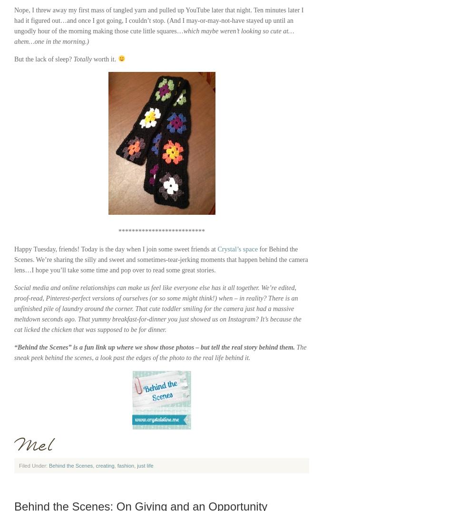  What do you see at coordinates (237, 249) in the screenshot?
I see `'Crystal’s space'` at bounding box center [237, 249].